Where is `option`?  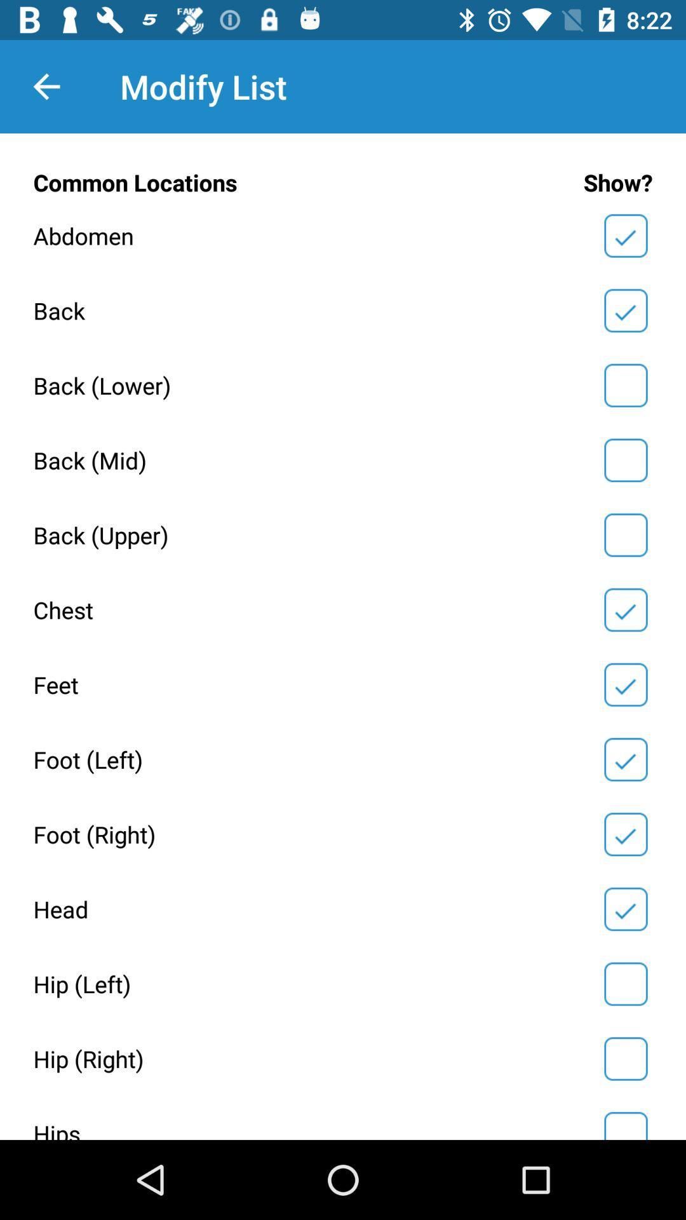 option is located at coordinates (625, 236).